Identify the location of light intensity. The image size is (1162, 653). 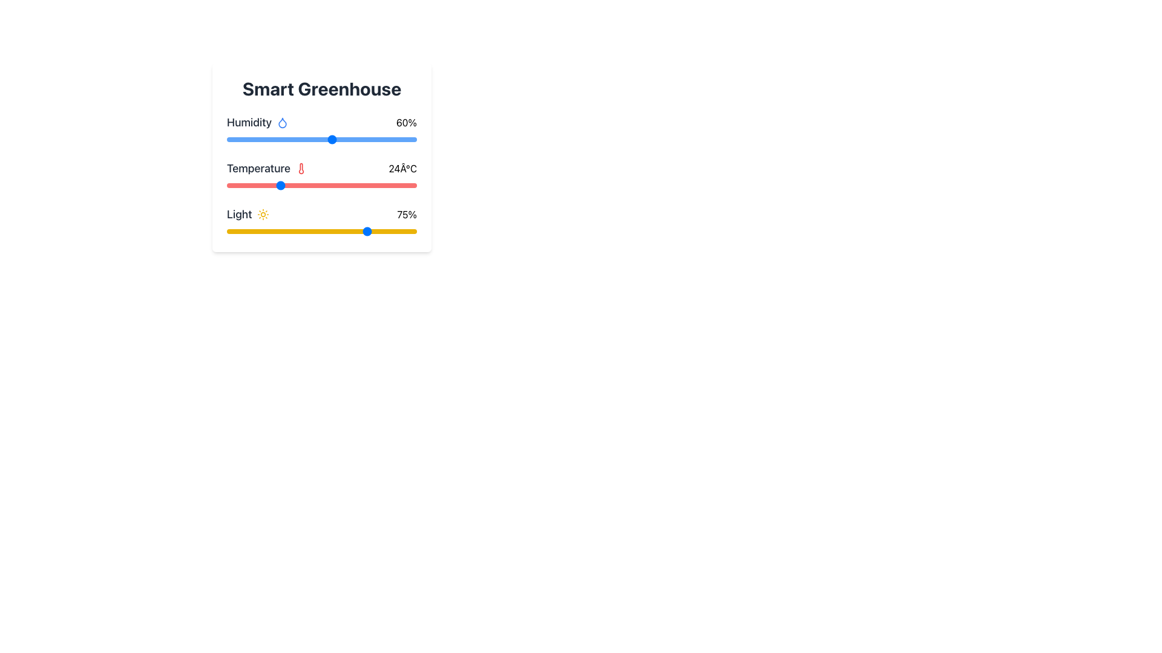
(409, 231).